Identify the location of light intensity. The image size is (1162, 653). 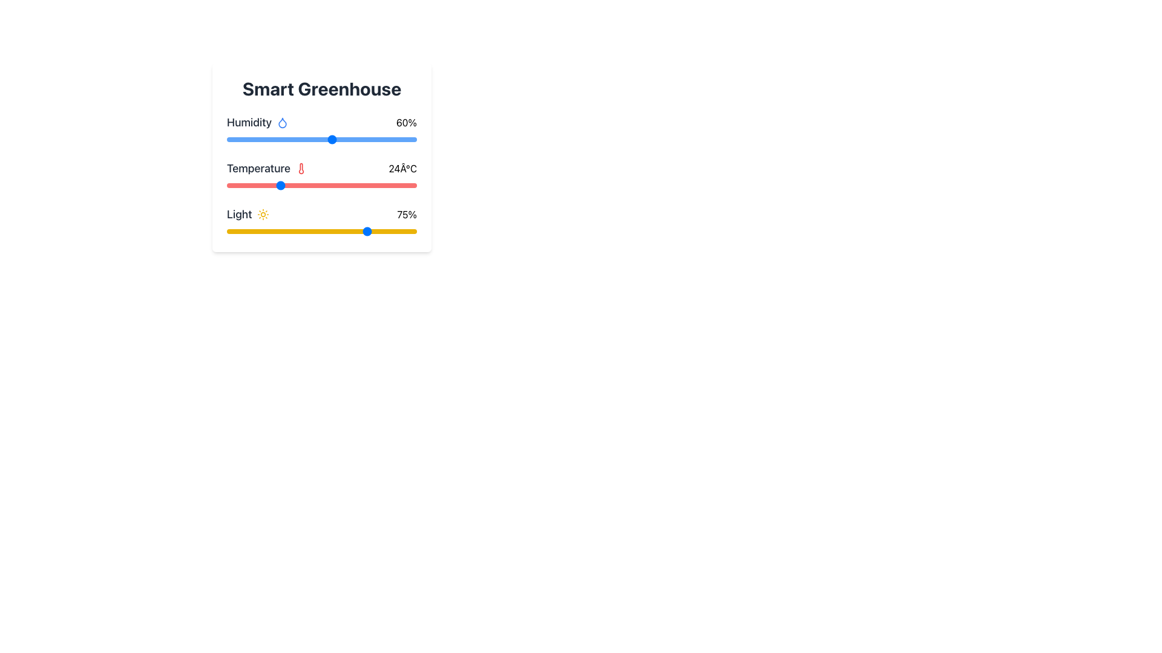
(409, 231).